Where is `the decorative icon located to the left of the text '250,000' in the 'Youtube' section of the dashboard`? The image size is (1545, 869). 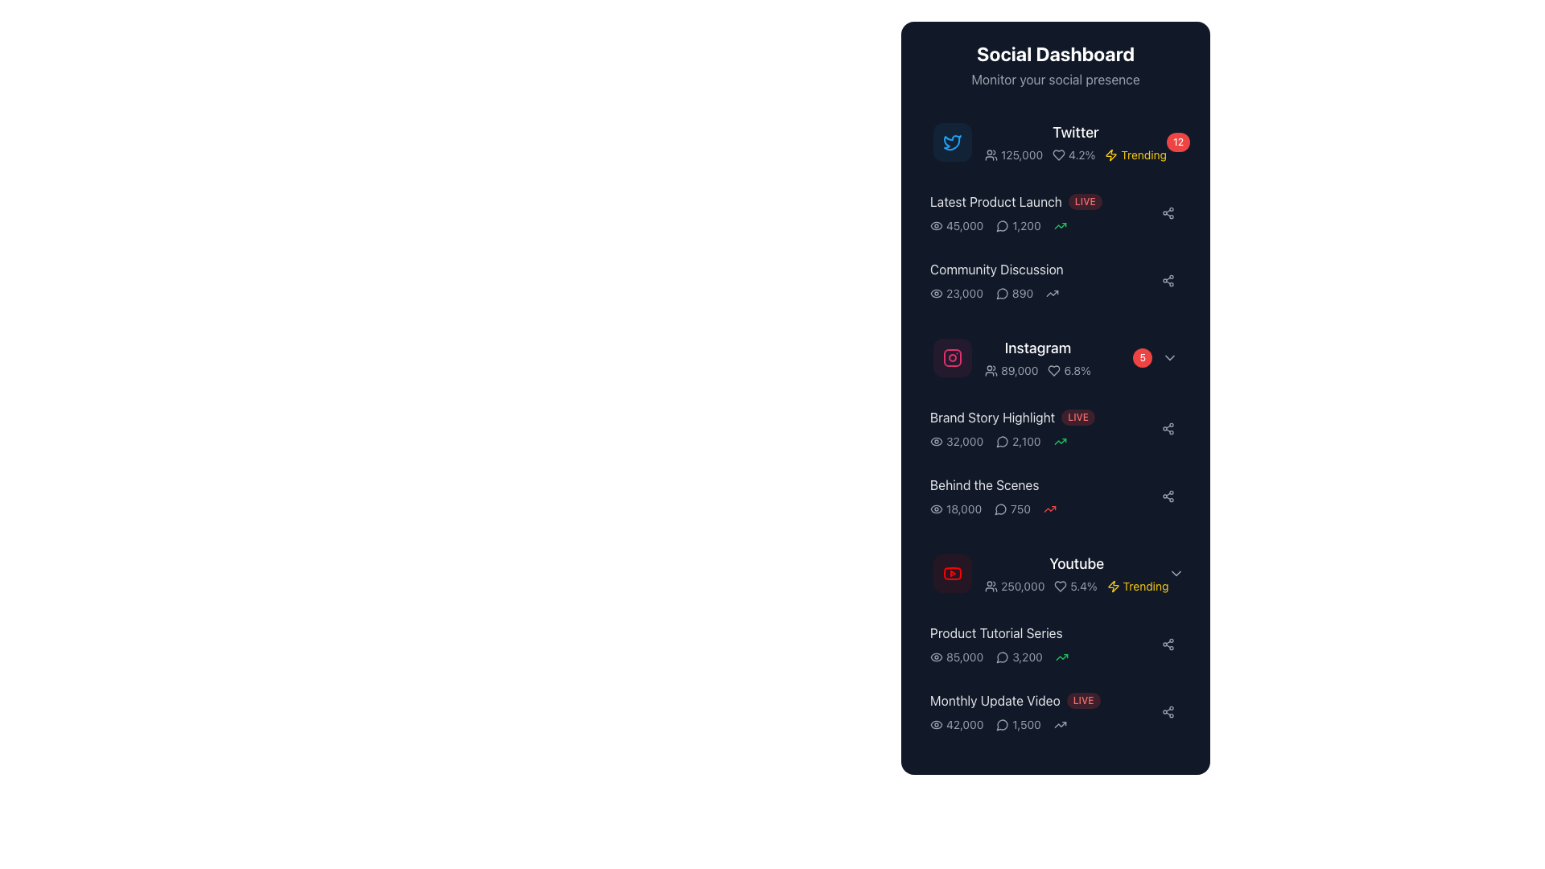
the decorative icon located to the left of the text '250,000' in the 'Youtube' section of the dashboard is located at coordinates (991, 587).